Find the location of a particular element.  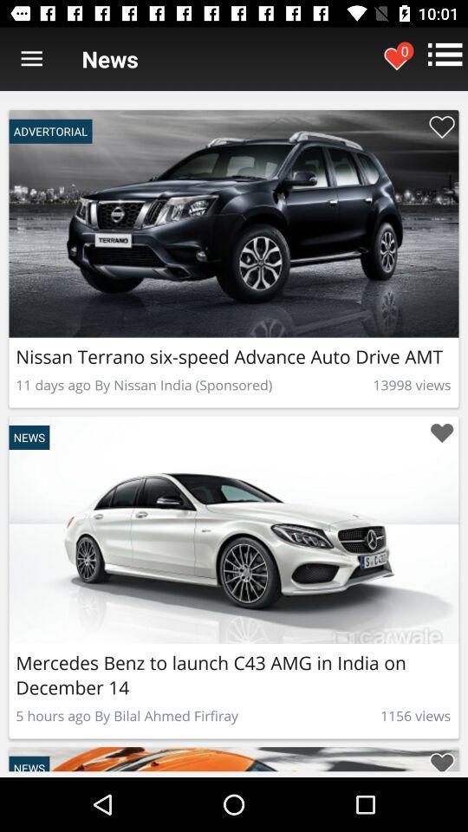

heart this car is located at coordinates (441, 126).